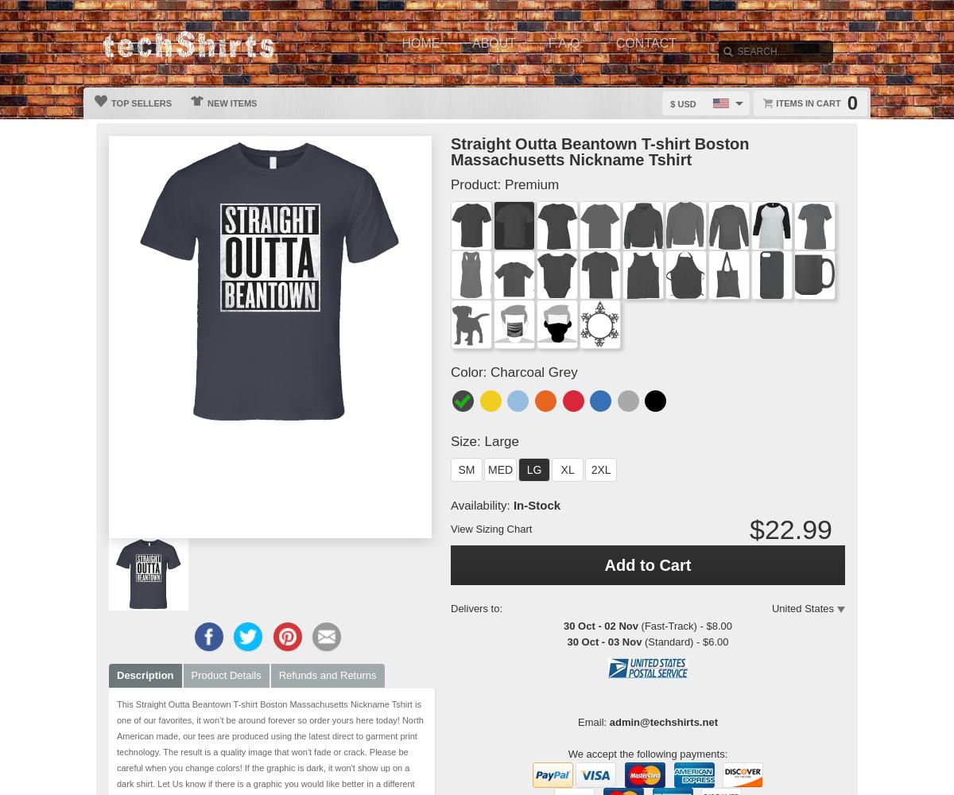  What do you see at coordinates (599, 626) in the screenshot?
I see `'30 Oct - 02 Nov'` at bounding box center [599, 626].